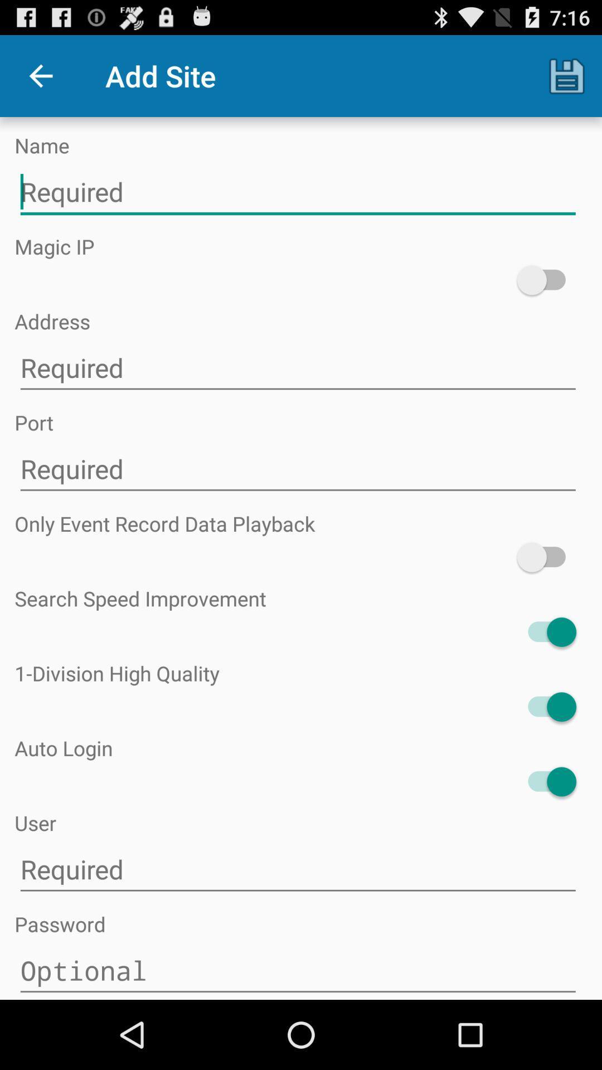 This screenshot has width=602, height=1070. What do you see at coordinates (297, 192) in the screenshot?
I see `the icon above magic ip` at bounding box center [297, 192].